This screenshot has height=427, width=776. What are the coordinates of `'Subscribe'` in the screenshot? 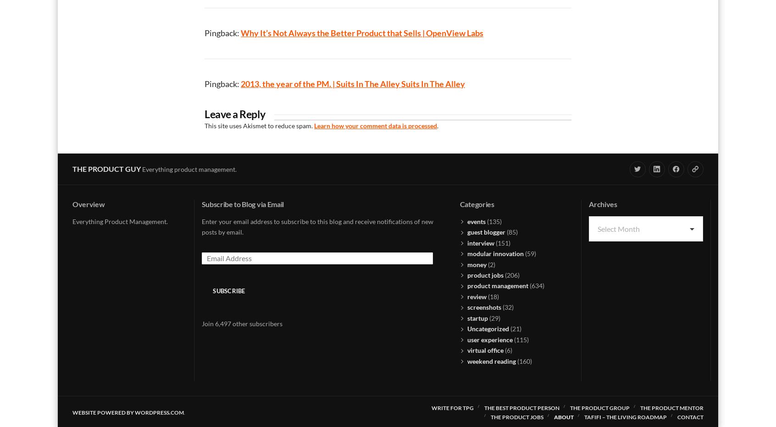 It's located at (228, 290).